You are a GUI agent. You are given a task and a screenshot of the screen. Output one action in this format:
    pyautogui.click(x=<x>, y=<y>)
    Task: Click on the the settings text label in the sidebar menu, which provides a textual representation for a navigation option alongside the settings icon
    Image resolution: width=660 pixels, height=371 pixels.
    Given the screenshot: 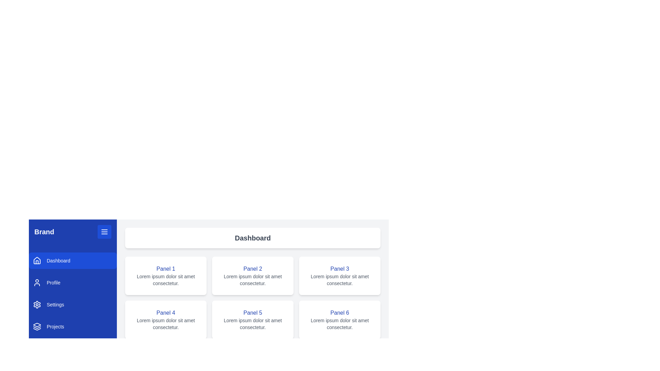 What is the action you would take?
    pyautogui.click(x=55, y=304)
    